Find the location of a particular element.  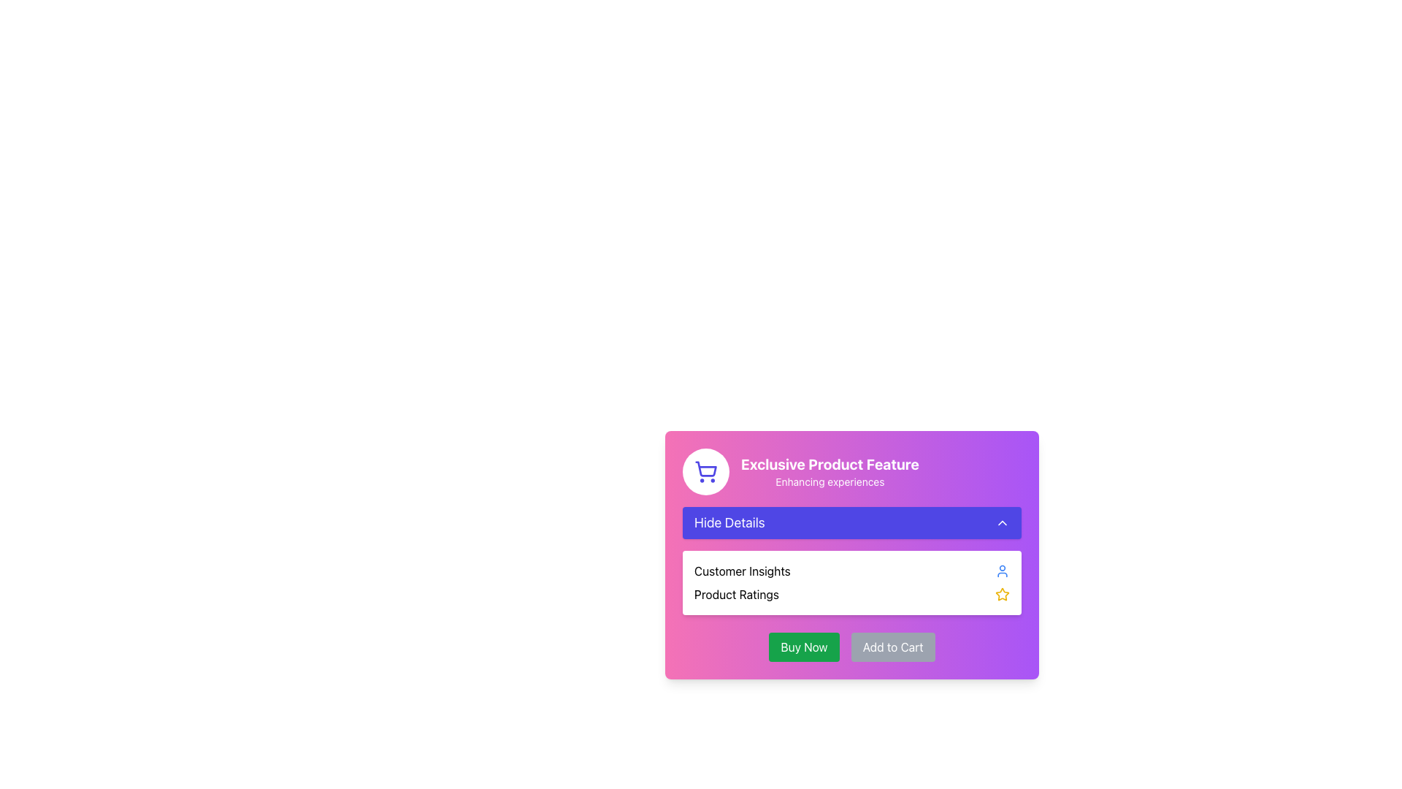

the user icon, which is a small circular icon with a blue outline and white fill, located at the rightmost end of the 'Customer Insights' row is located at coordinates (1001, 571).